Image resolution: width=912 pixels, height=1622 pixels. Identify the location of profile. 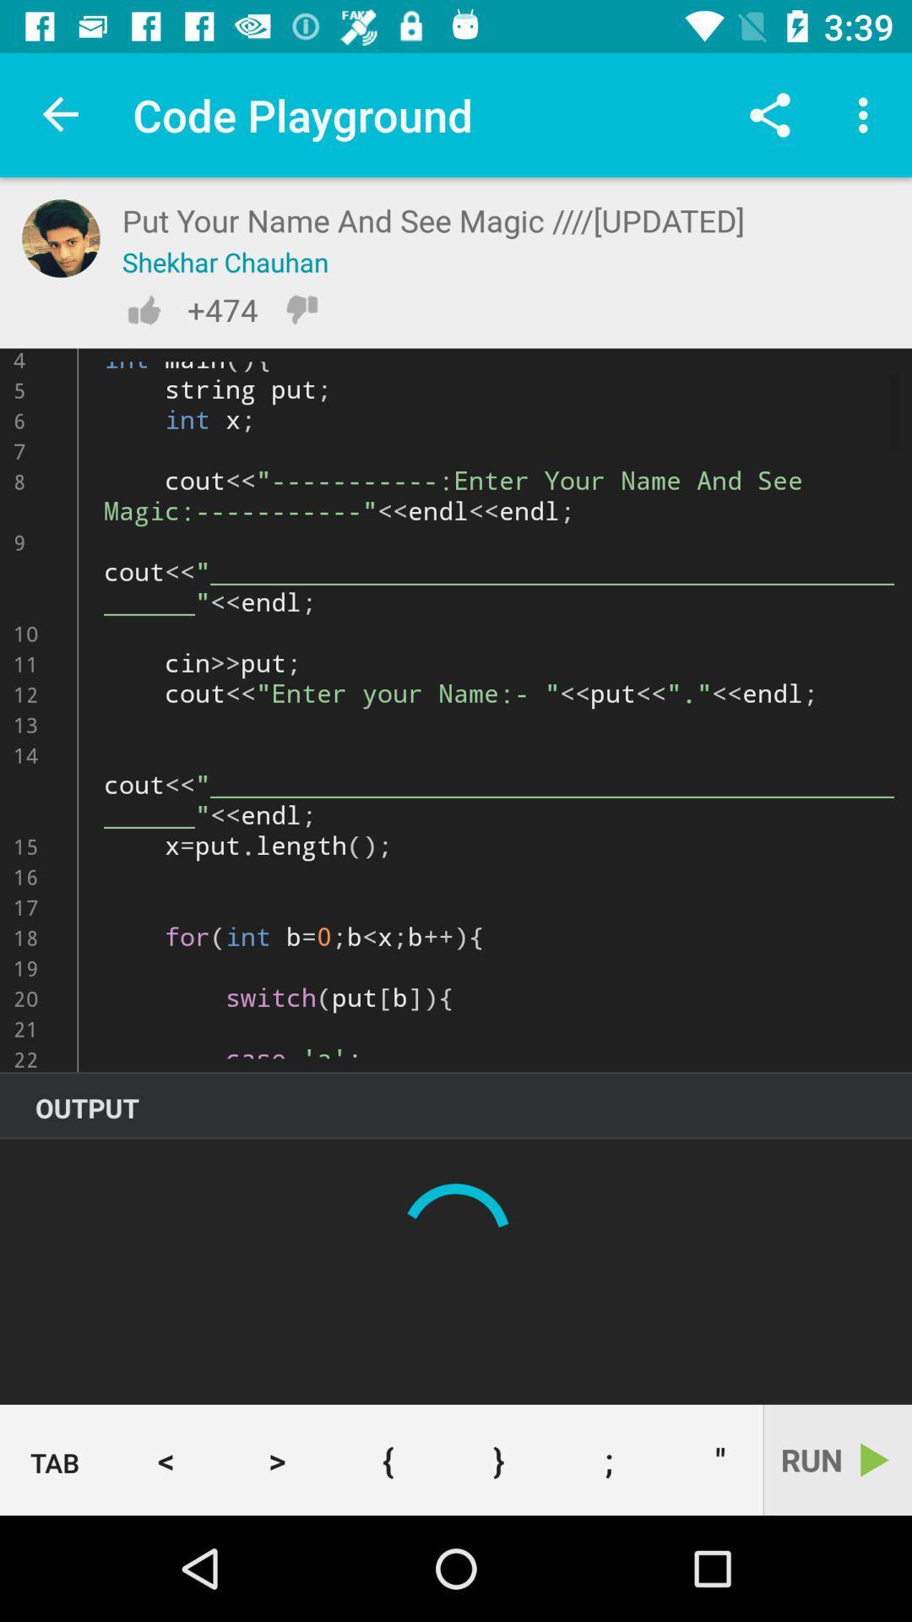
(60, 237).